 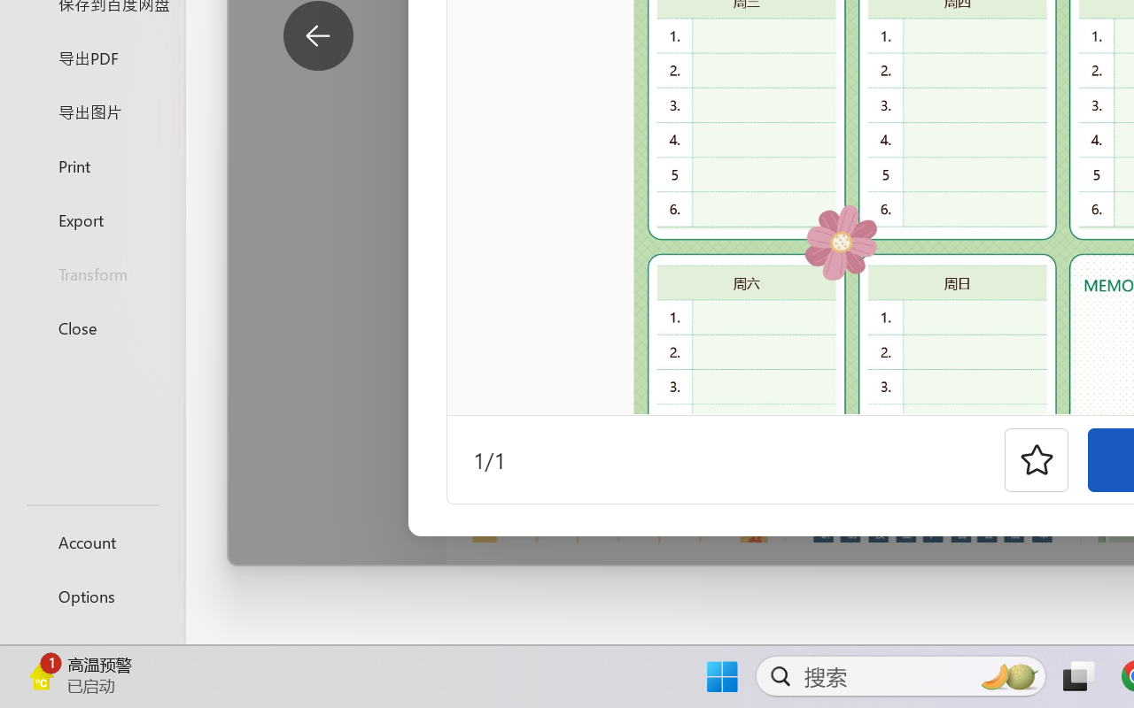 I want to click on 'Options', so click(x=91, y=596).